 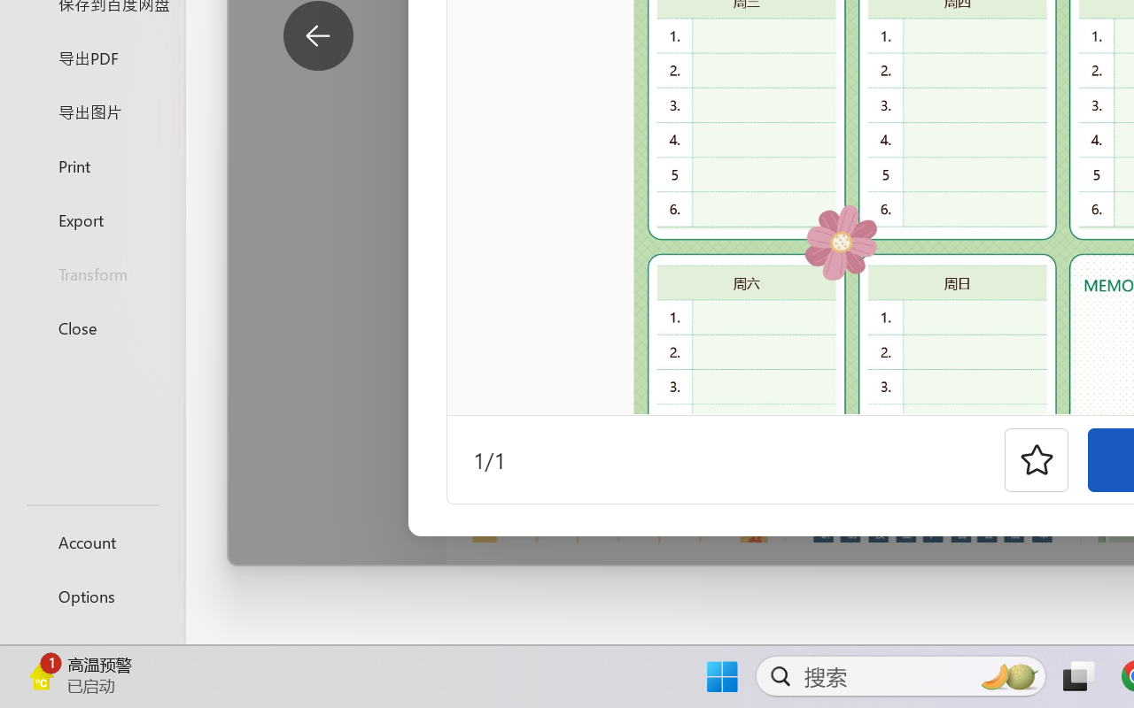 I want to click on 'Options', so click(x=91, y=596).